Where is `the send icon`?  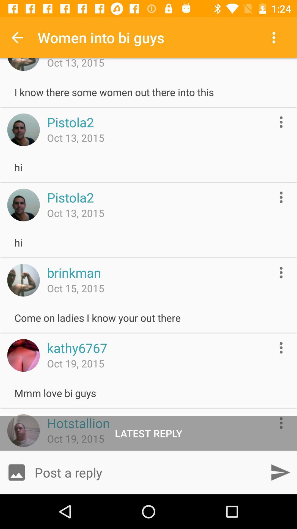 the send icon is located at coordinates (280, 472).